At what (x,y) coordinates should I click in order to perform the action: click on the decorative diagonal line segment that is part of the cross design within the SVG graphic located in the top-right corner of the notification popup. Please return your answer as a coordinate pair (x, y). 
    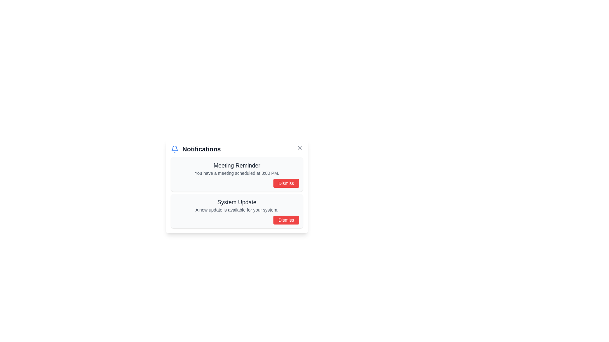
    Looking at the image, I should click on (299, 148).